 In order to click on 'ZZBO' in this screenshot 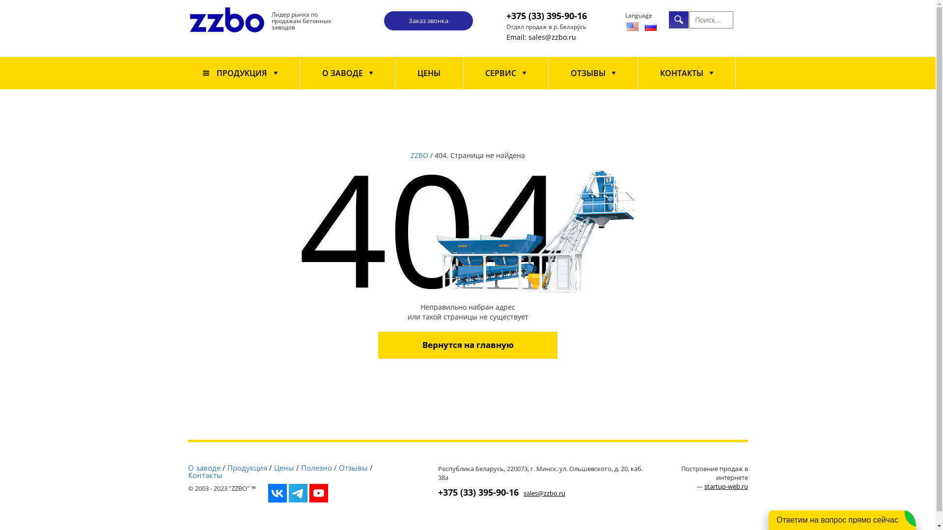, I will do `click(419, 155)`.